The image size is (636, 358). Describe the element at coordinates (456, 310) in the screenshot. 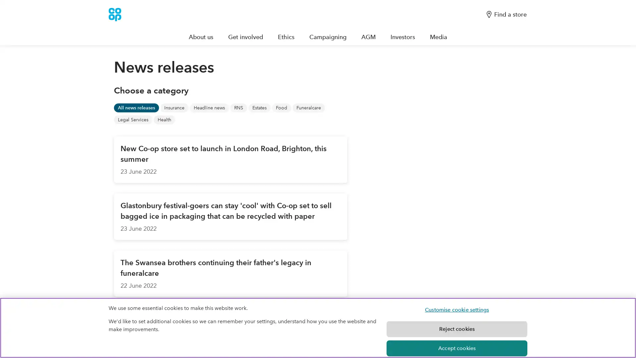

I see `Customise cookie settings` at that location.